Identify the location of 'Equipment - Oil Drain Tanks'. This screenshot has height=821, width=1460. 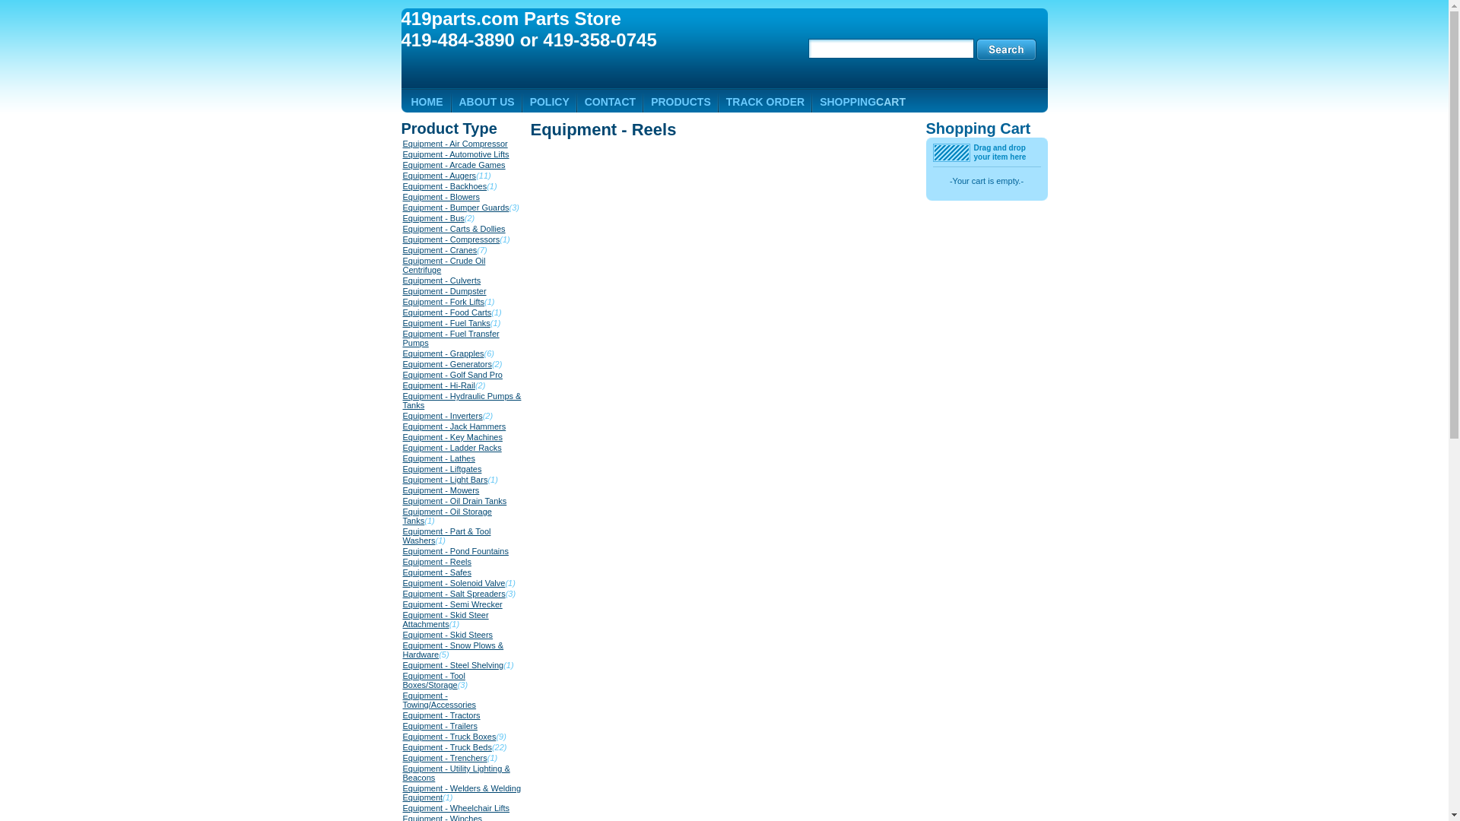
(454, 501).